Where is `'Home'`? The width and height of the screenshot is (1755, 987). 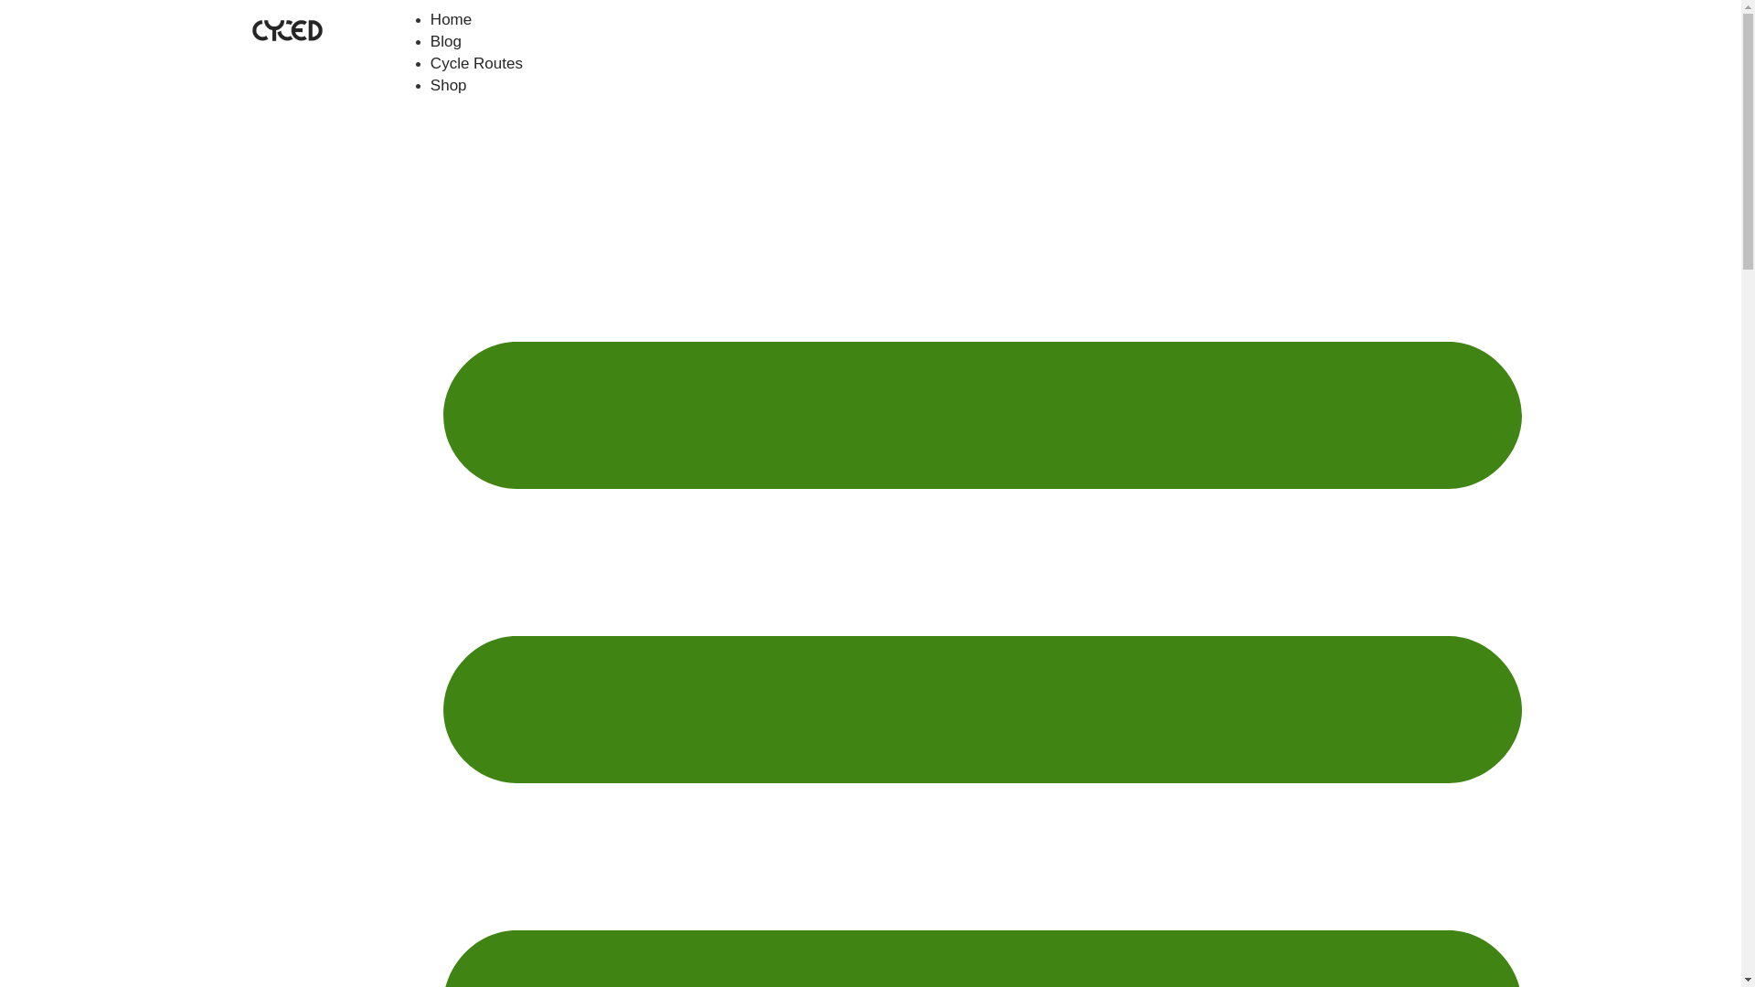 'Home' is located at coordinates (451, 19).